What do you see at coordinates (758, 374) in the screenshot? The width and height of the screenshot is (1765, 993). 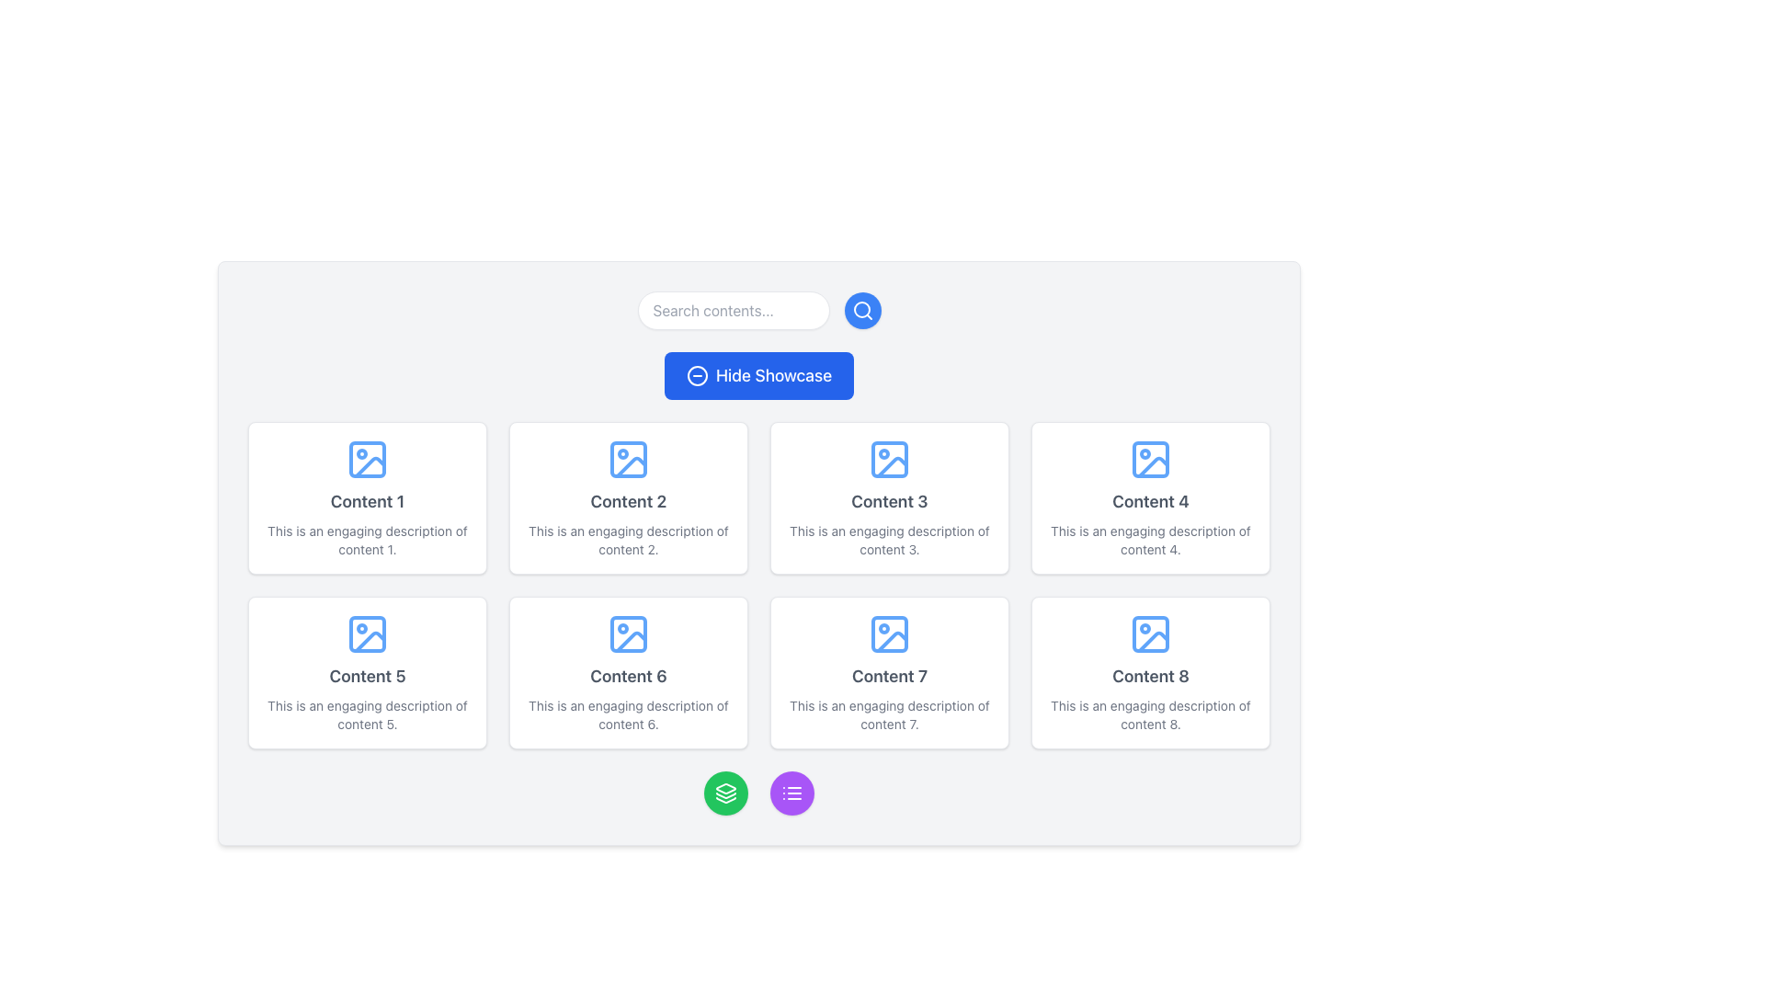 I see `the blue button labeled 'Hide Showcase' with white text and an icon resembling a minus symbol inside a circle` at bounding box center [758, 374].